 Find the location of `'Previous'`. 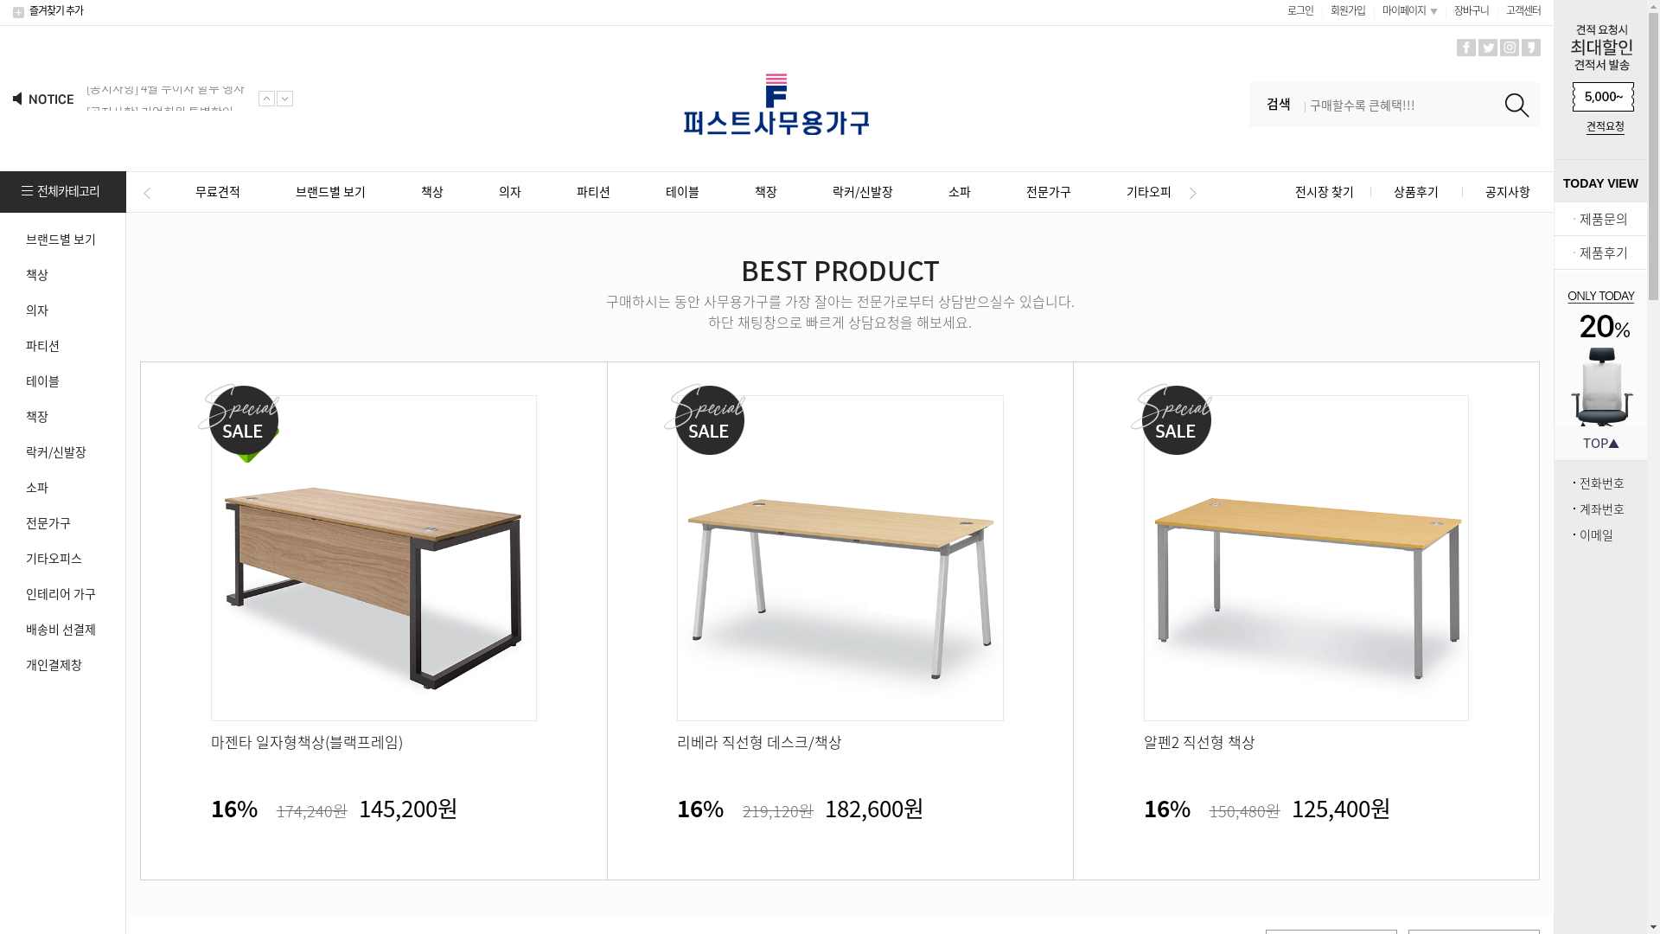

'Previous' is located at coordinates (124, 193).